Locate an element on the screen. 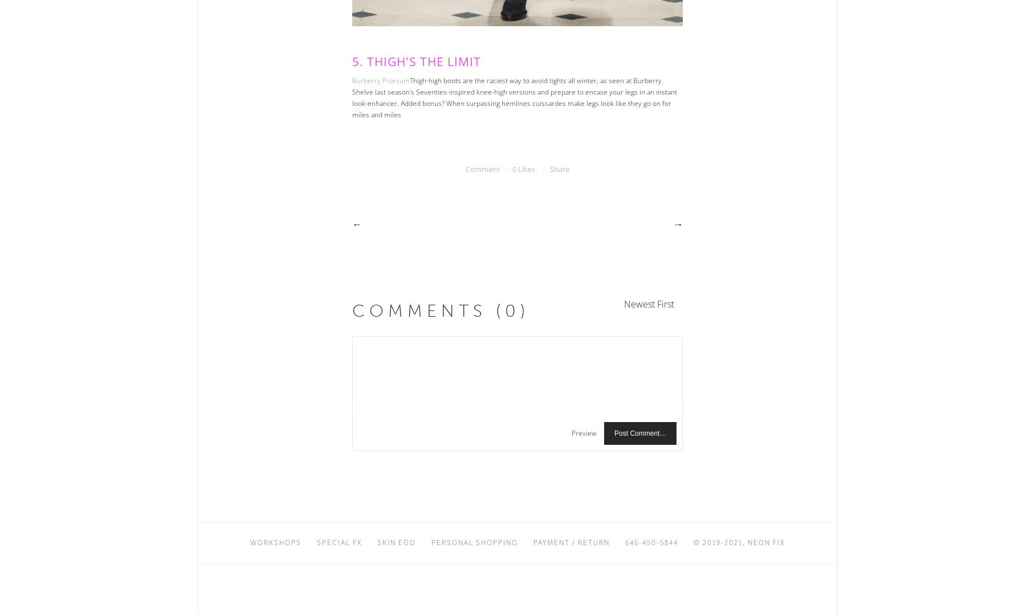 The height and width of the screenshot is (614, 1035). 'Thigh-high boots are the raciest way to avoid tights all winter, as seen at Burberry. Shelve last season’s Seventies-inspired knee-high versions and prepare to encase your legs in an instant look-enhancer. Added bonus? When surpassing hemlines cuissardes make legs look like they go on for miles and miles' is located at coordinates (514, 96).